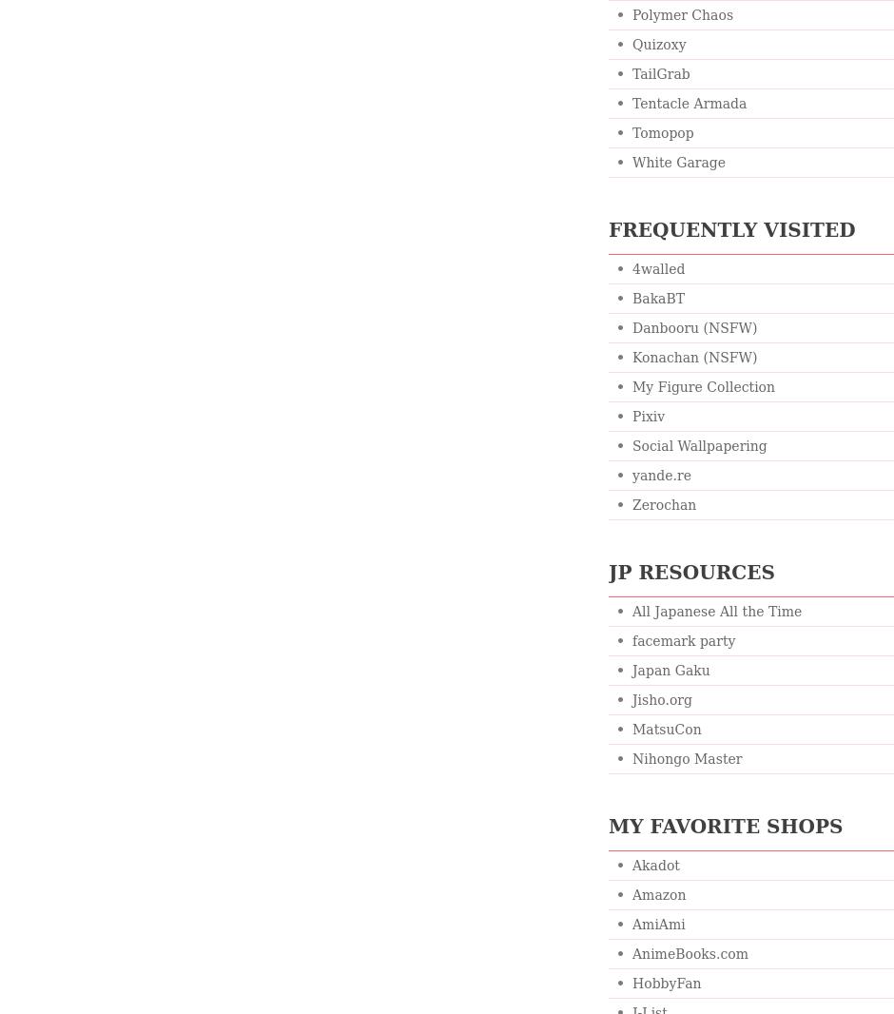 This screenshot has width=894, height=1014. I want to click on 'BakaBT', so click(657, 299).